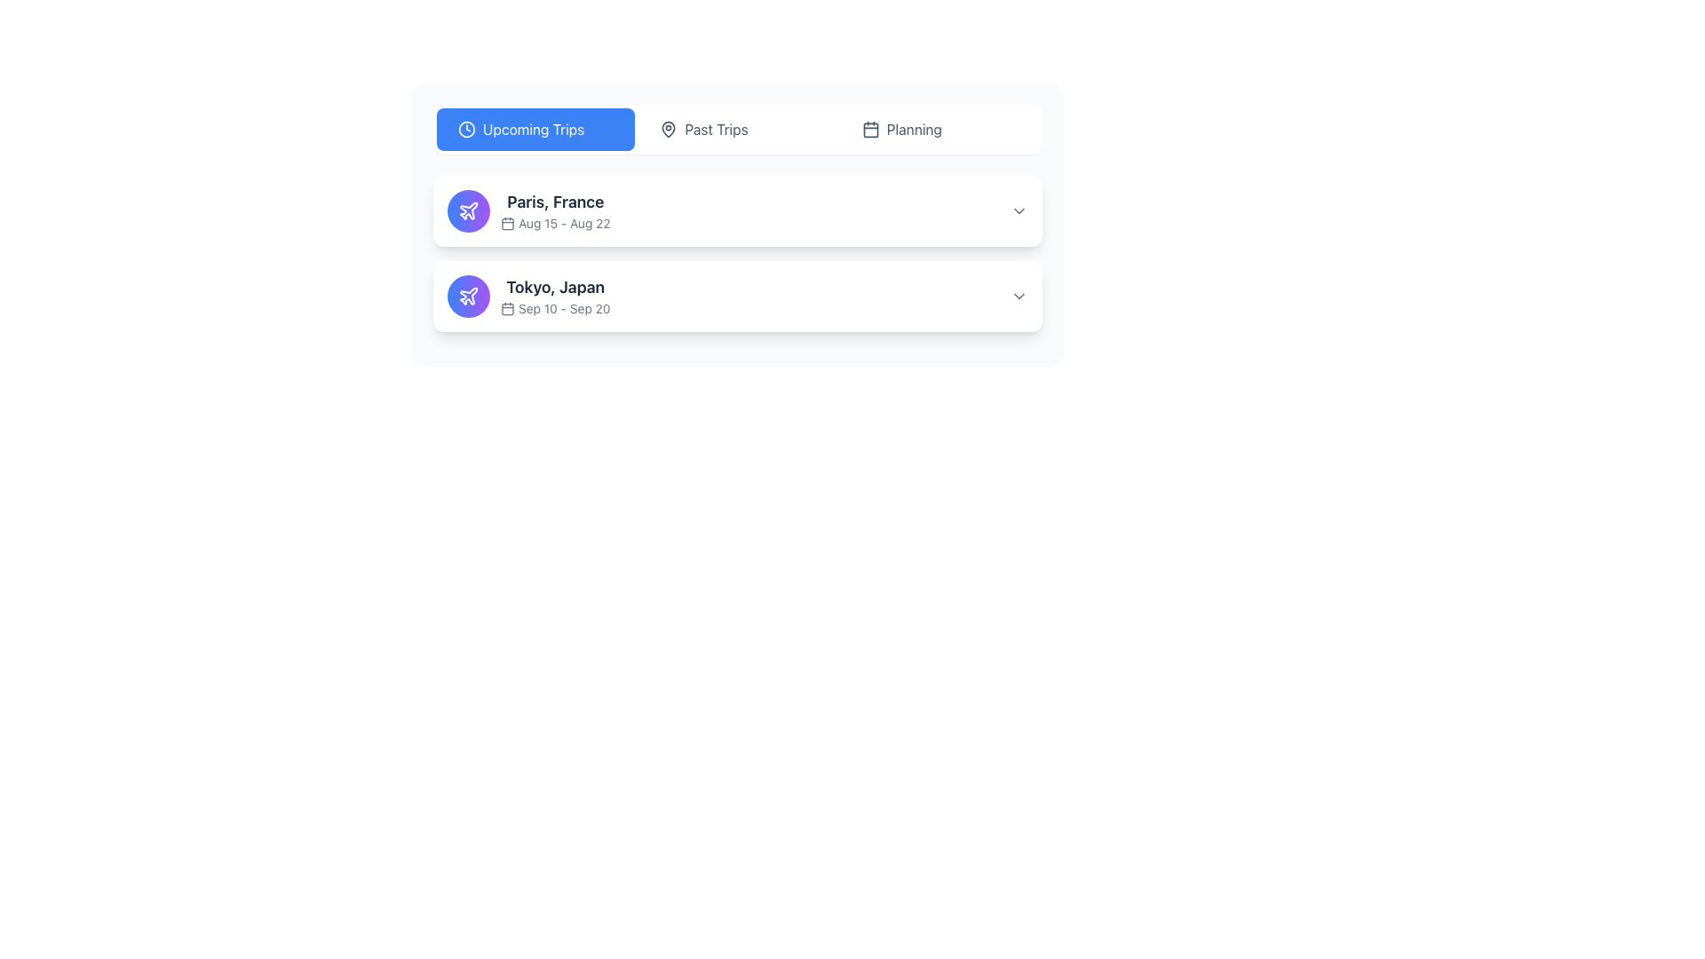  Describe the element at coordinates (737, 129) in the screenshot. I see `the 'Past Trips' button, which is the second button in a list of three` at that location.